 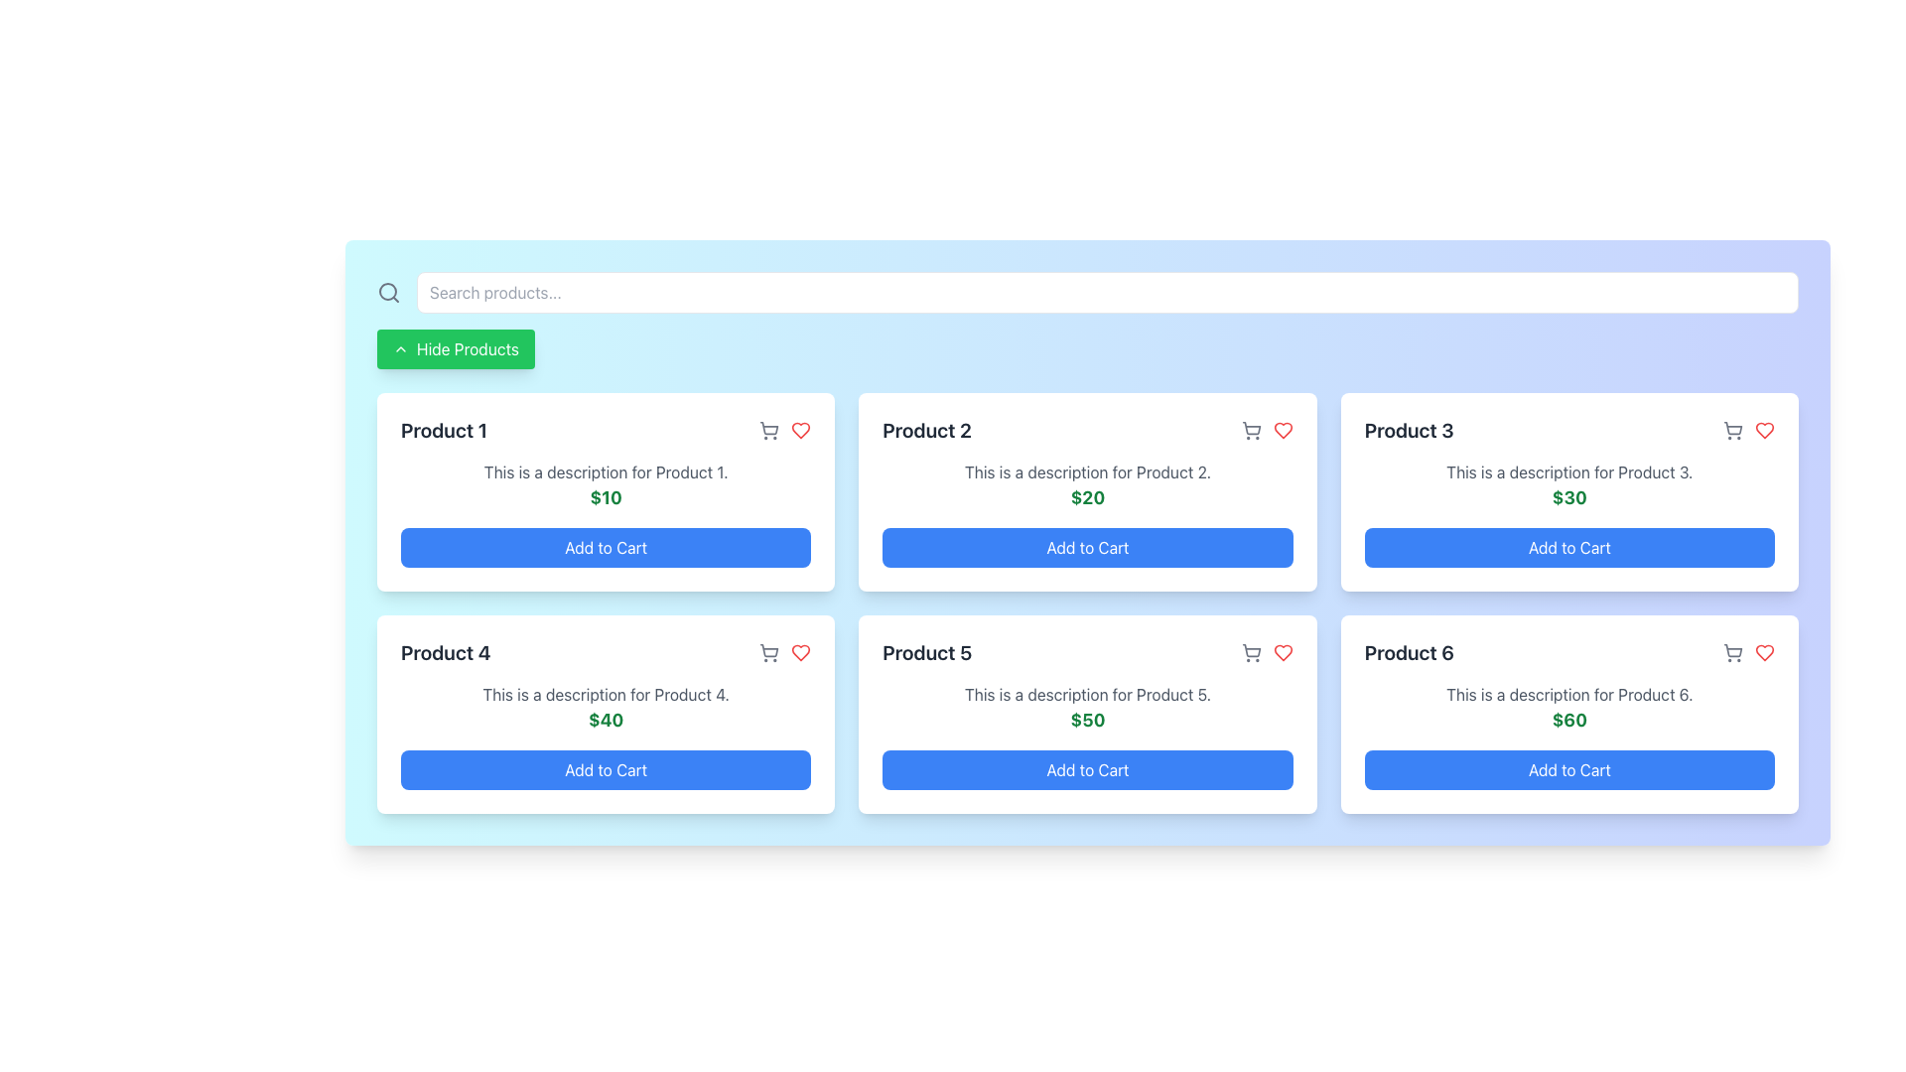 What do you see at coordinates (1283, 430) in the screenshot?
I see `the heart icon located in the top-right corner of the product card for 'Product 2'` at bounding box center [1283, 430].